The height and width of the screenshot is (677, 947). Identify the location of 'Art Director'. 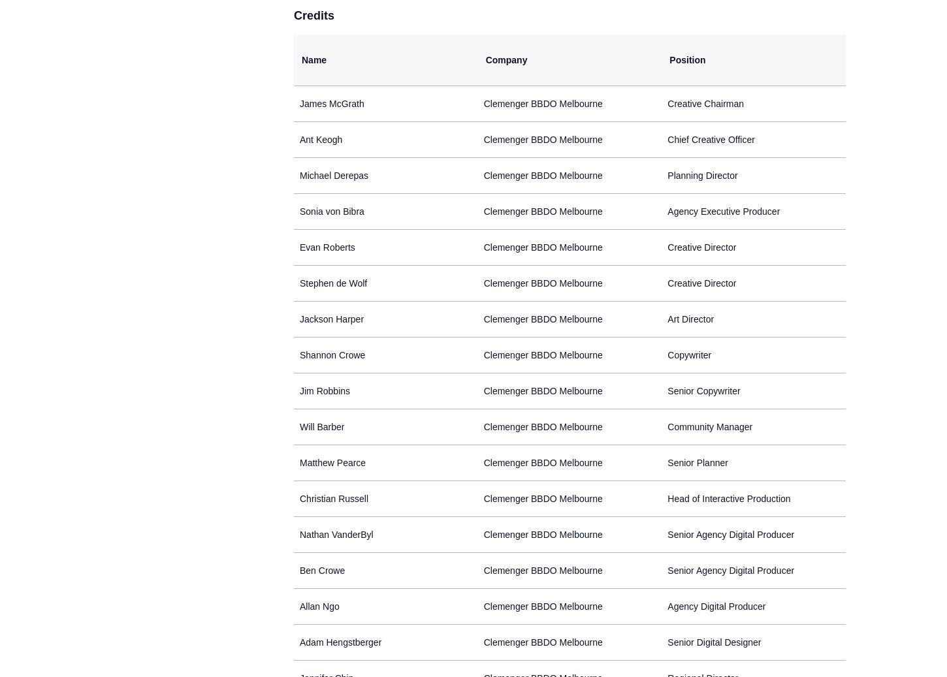
(667, 319).